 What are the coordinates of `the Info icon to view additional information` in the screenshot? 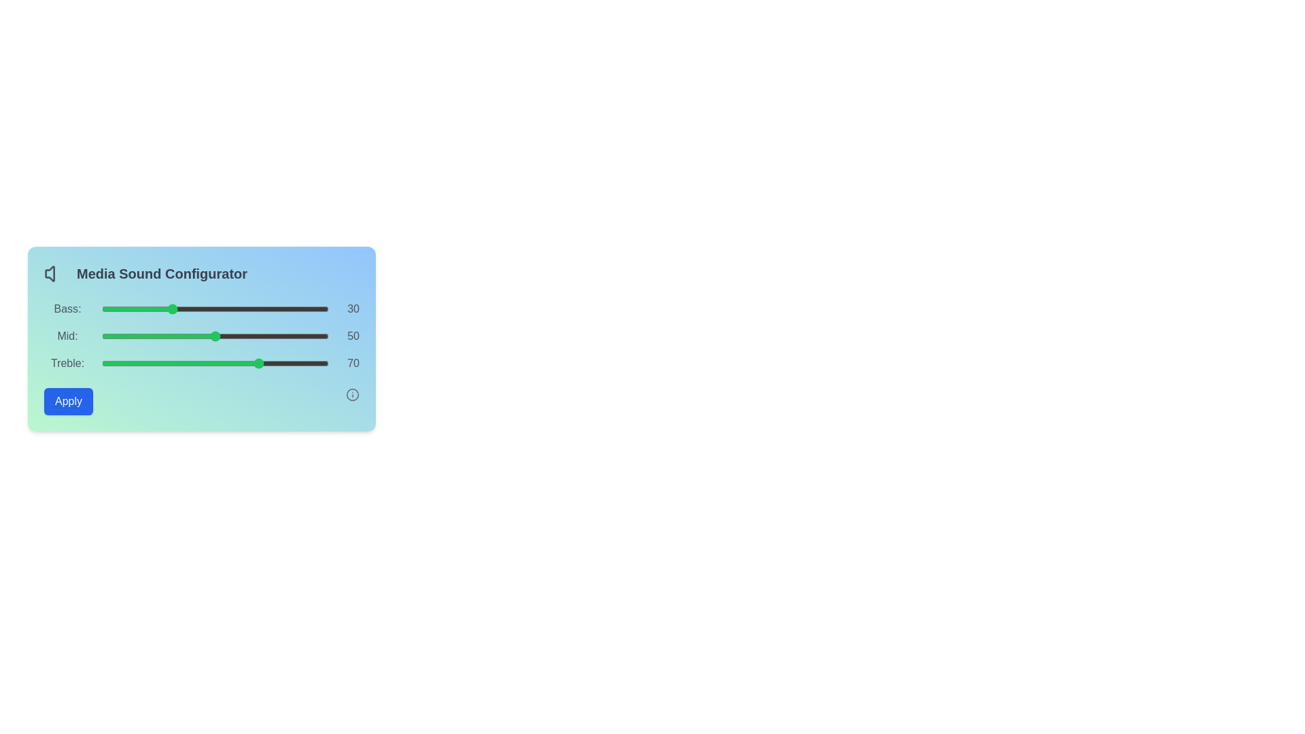 It's located at (352, 395).